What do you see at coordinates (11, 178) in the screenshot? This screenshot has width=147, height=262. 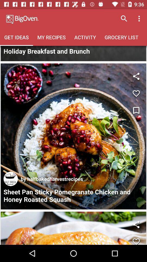 I see `the icon at the bottom left corner` at bounding box center [11, 178].